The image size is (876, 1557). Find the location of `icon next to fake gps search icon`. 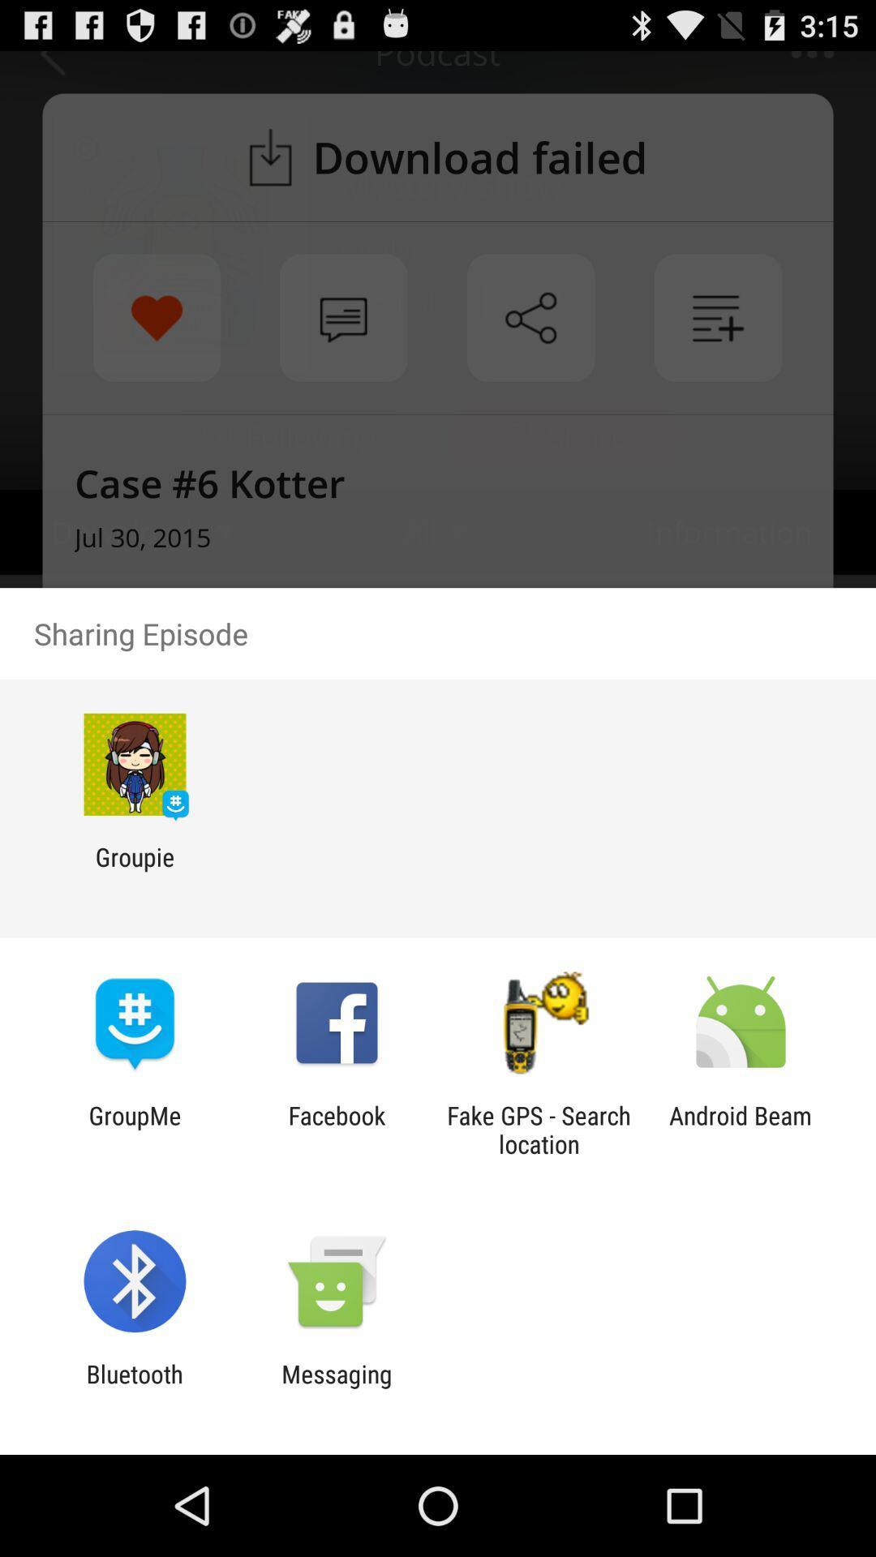

icon next to fake gps search icon is located at coordinates (336, 1129).